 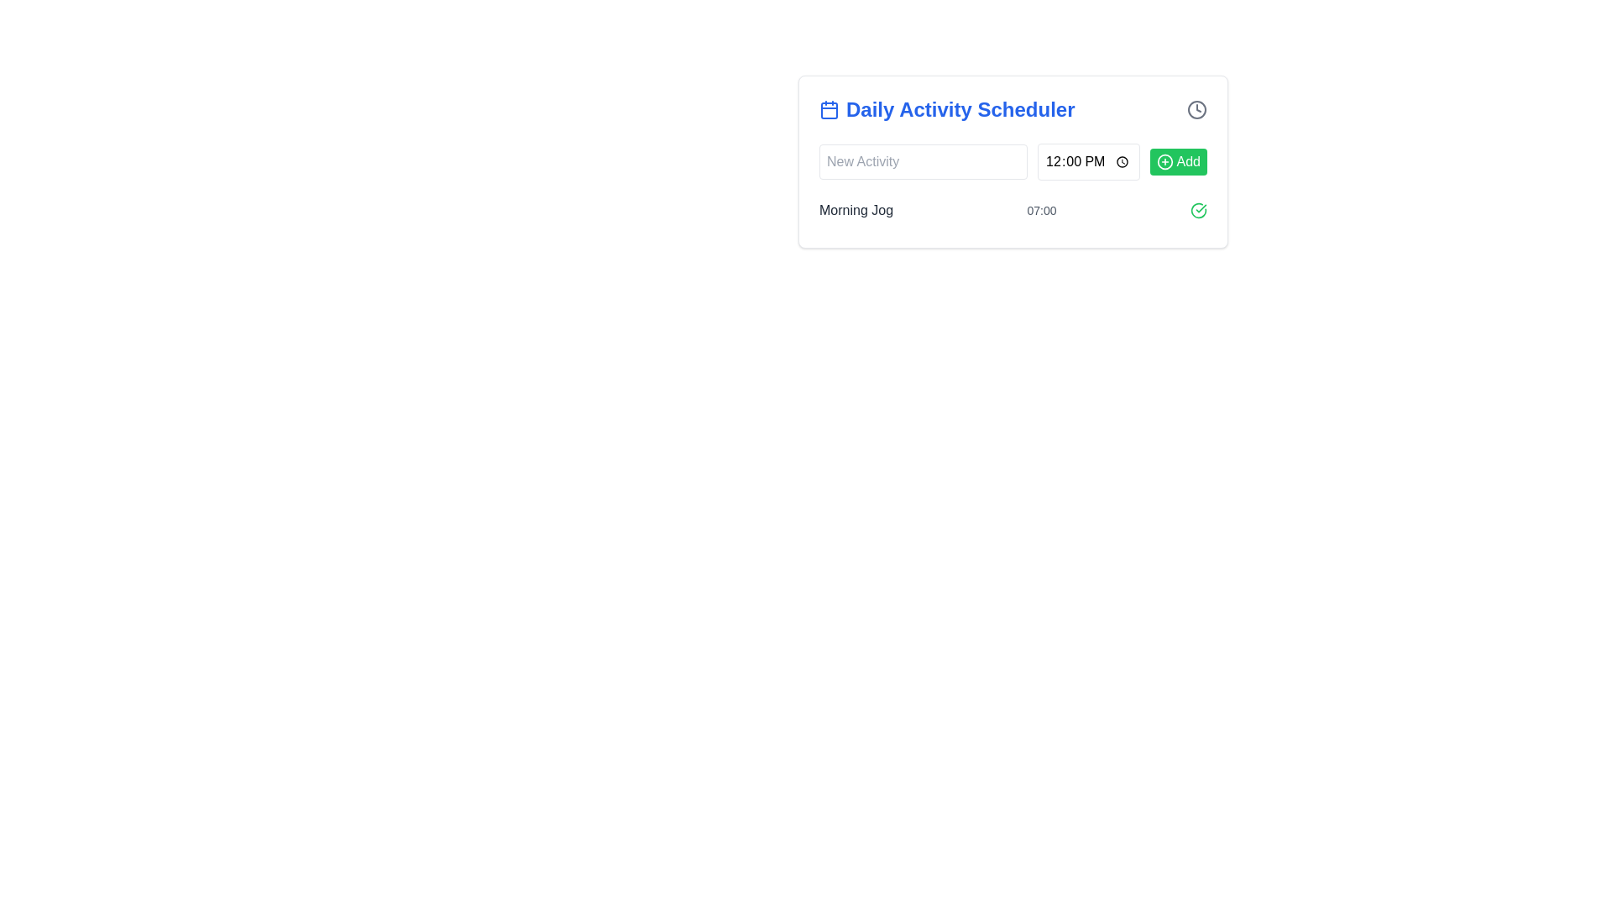 What do you see at coordinates (830, 110) in the screenshot?
I see `the blue-colored calendar icon with rounded corners located at the leftmost side of the header section labeled 'Daily Activity Scheduler'` at bounding box center [830, 110].